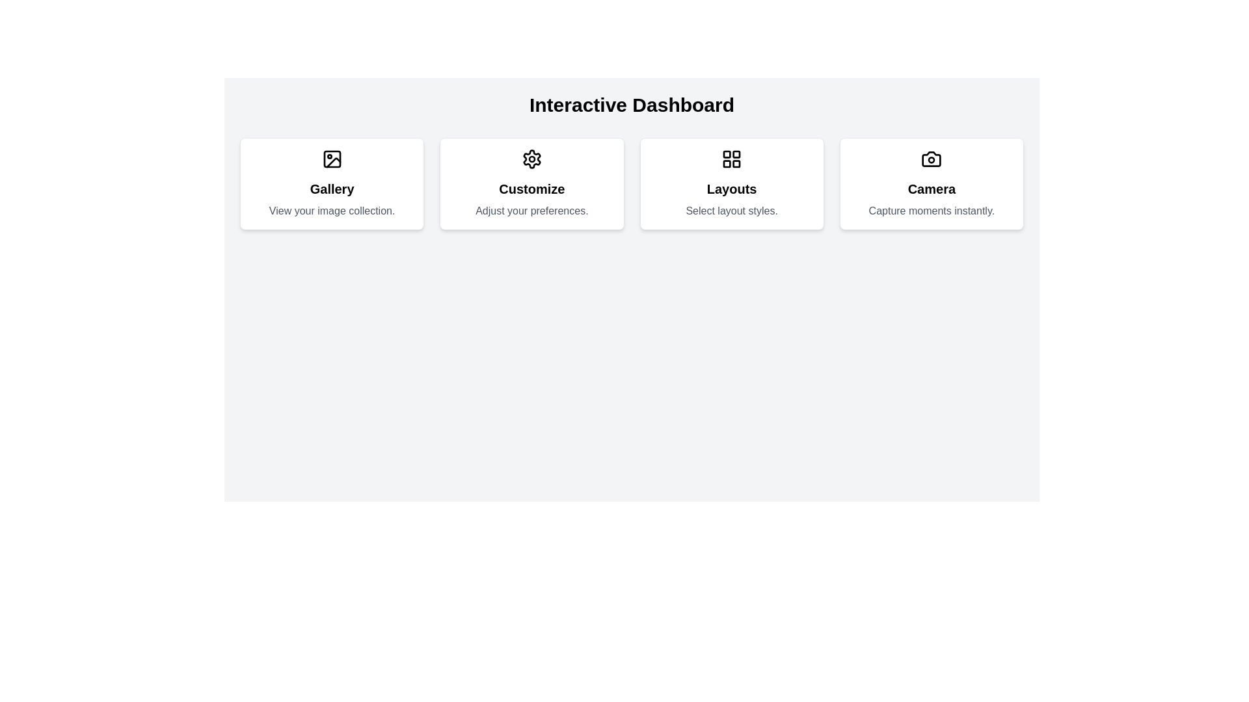  I want to click on the second card in the row of four cards, so click(531, 183).